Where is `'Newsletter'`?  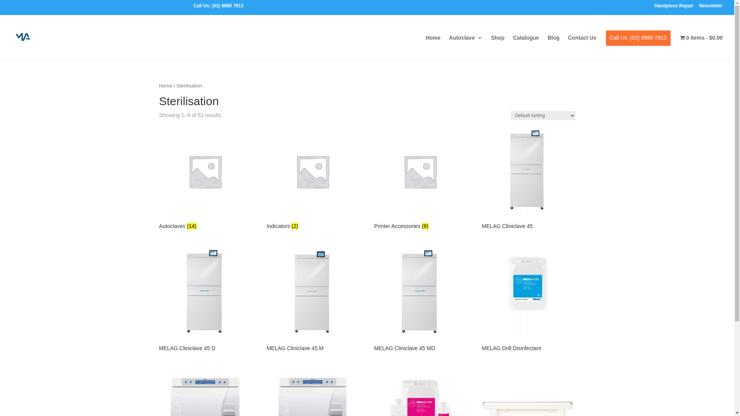 'Newsletter' is located at coordinates (710, 7).